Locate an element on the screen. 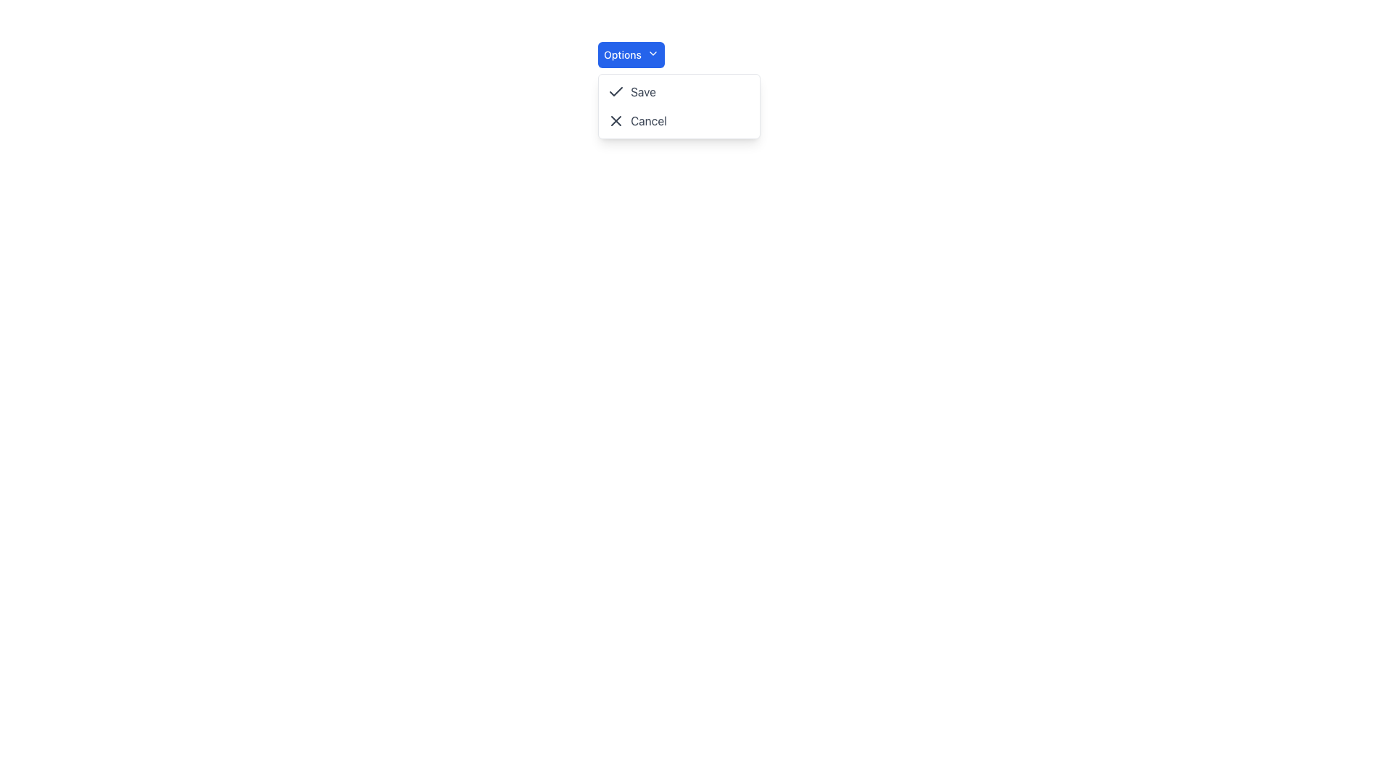 Image resolution: width=1392 pixels, height=783 pixels. the dropdown icon is located at coordinates (652, 52).